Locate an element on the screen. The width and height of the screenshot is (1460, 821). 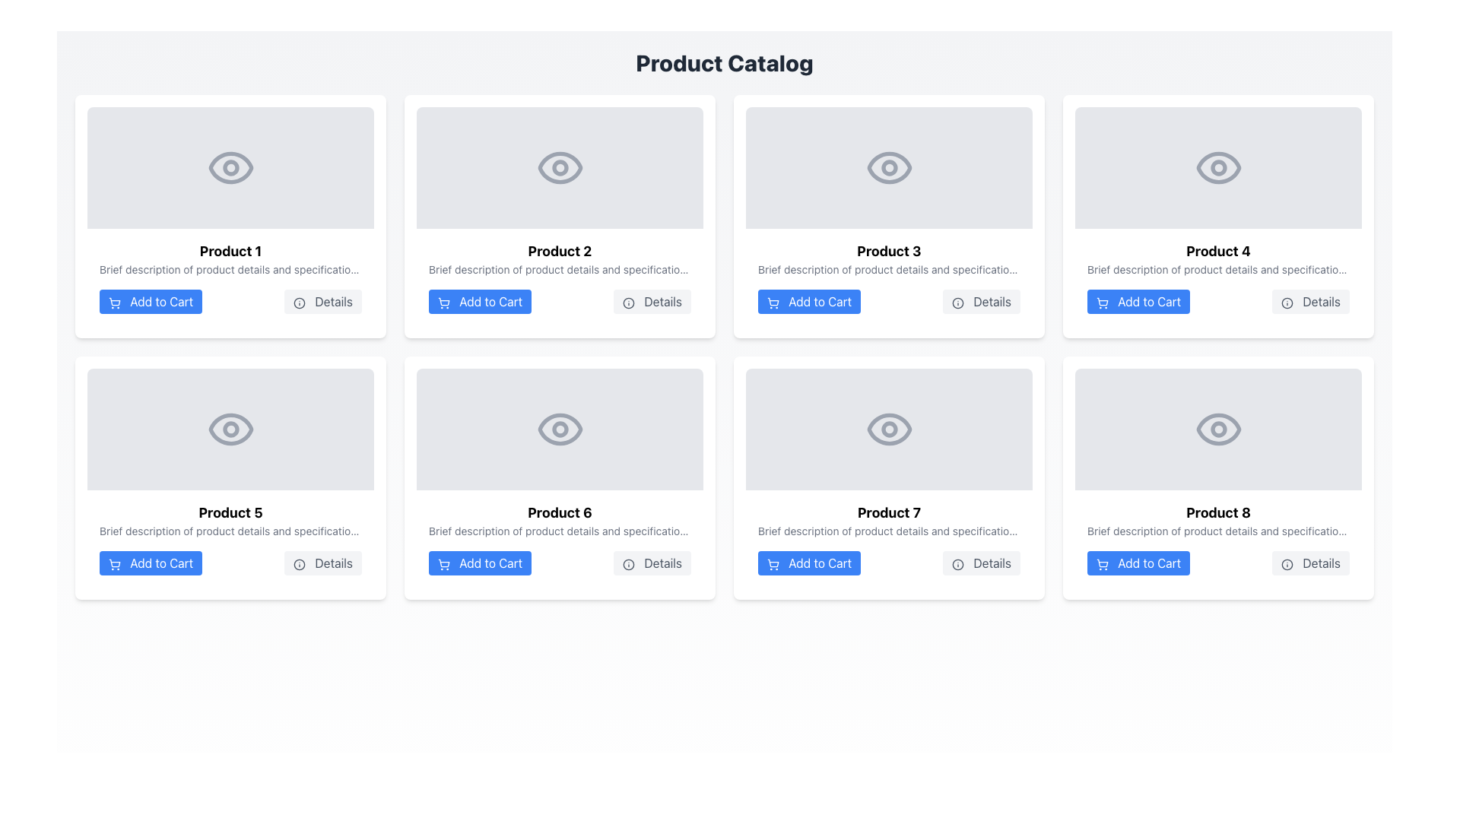
the button located in the second row, second column of the product grid is located at coordinates (652, 302).